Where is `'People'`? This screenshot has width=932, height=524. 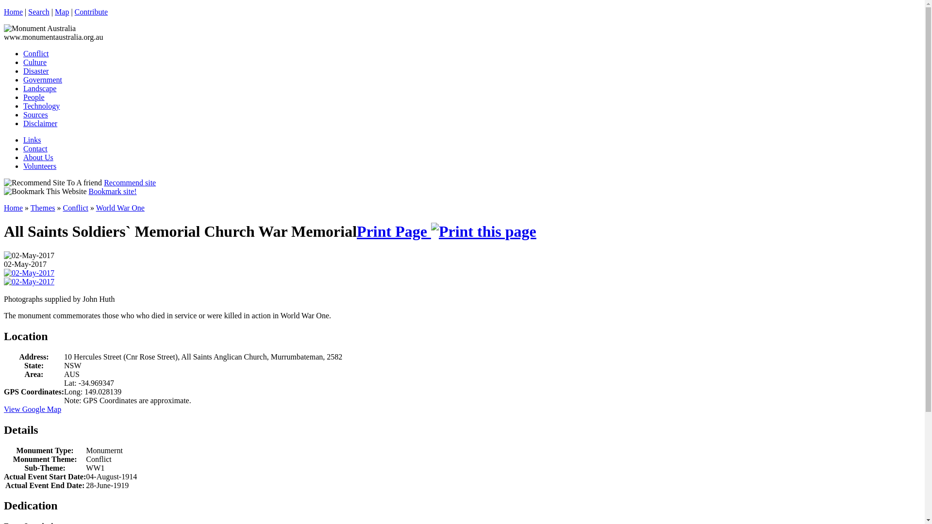 'People' is located at coordinates (34, 97).